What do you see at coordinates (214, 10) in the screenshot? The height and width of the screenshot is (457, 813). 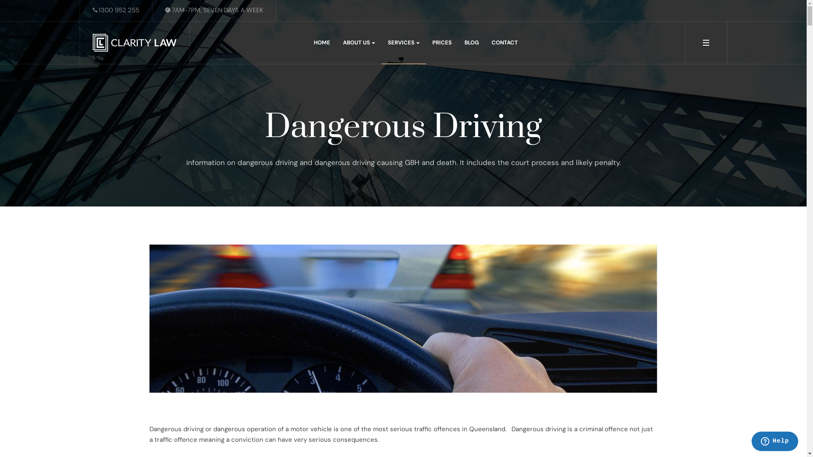 I see `'7AM-7PM, SEVEN DAYS A WEEK'` at bounding box center [214, 10].